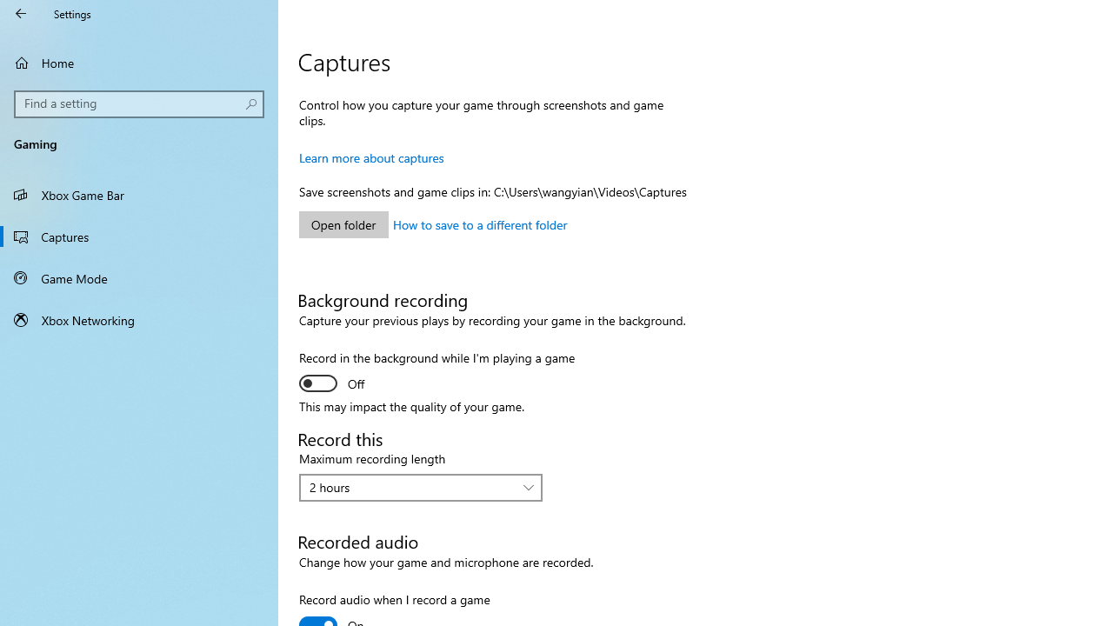 This screenshot has width=1113, height=626. I want to click on 'Game Mode', so click(139, 277).